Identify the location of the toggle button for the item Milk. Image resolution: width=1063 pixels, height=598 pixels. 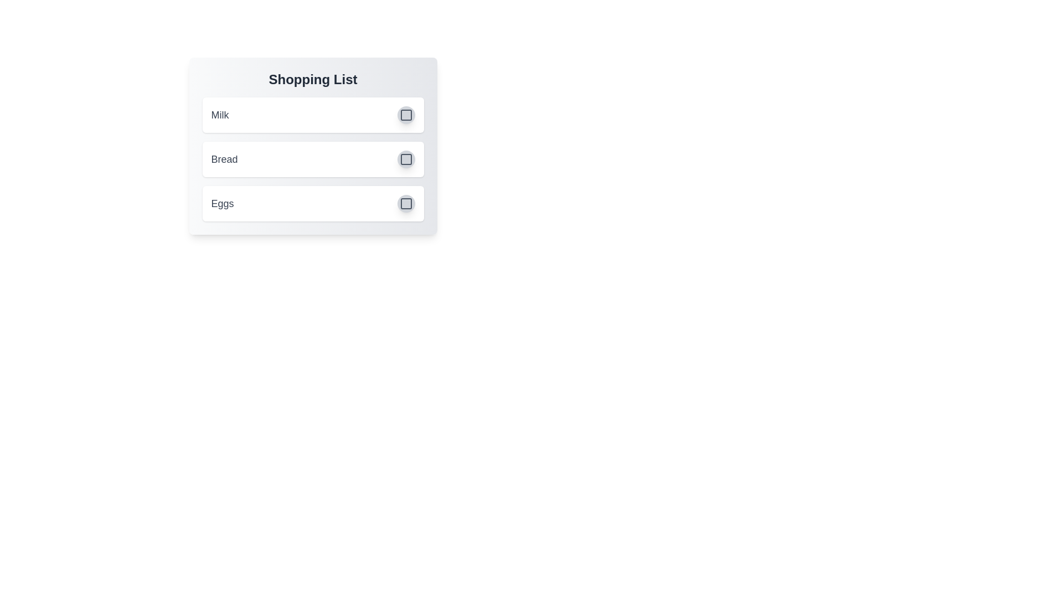
(405, 115).